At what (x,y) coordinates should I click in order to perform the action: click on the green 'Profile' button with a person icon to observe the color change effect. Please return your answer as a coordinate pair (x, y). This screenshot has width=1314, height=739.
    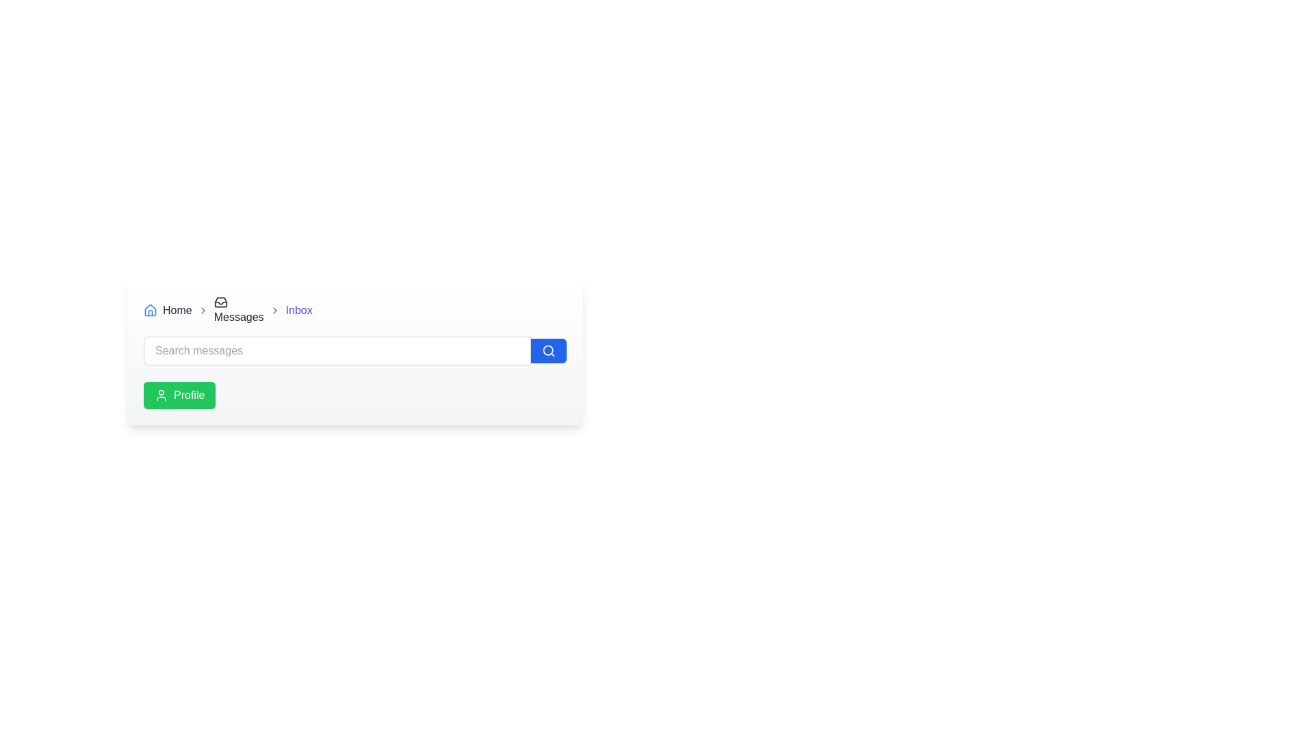
    Looking at the image, I should click on (179, 396).